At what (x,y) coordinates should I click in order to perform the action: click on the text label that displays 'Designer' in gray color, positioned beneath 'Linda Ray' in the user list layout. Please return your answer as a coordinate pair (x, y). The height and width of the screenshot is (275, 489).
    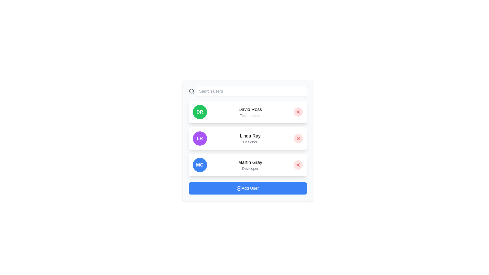
    Looking at the image, I should click on (250, 142).